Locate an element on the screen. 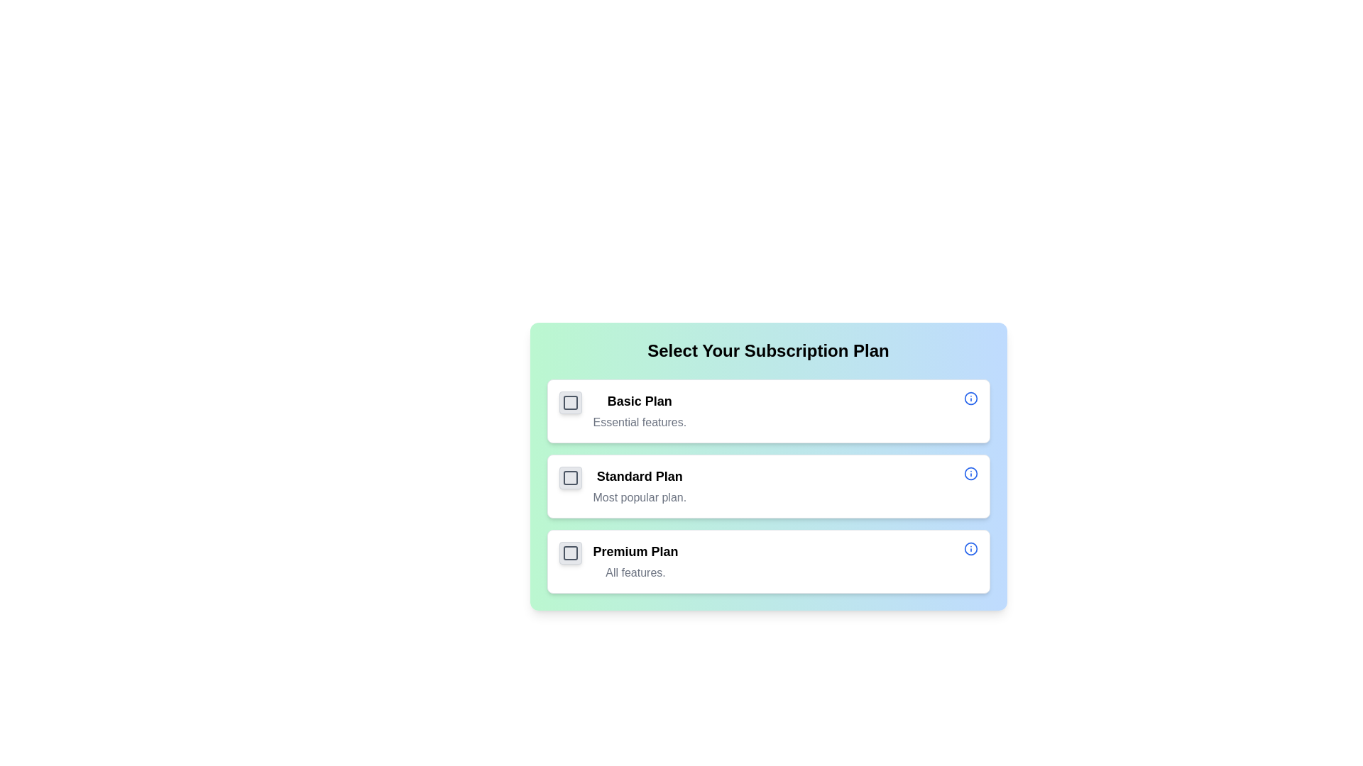 This screenshot has height=766, width=1363. the outermost circular SVG shape located inside the SVG icon on the right side of the 'Basic Plan' option card in the subscription selection interface is located at coordinates (970, 399).